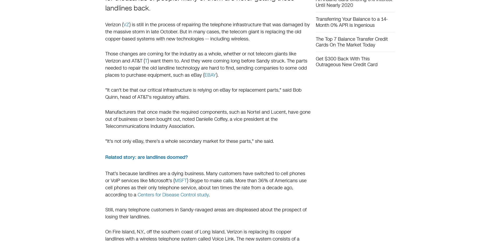 Image resolution: width=500 pixels, height=241 pixels. What do you see at coordinates (206, 213) in the screenshot?
I see `'Still, many telephone customers in Sandy-ravaged areas are displeased about the prospect of losing their landlines.'` at bounding box center [206, 213].